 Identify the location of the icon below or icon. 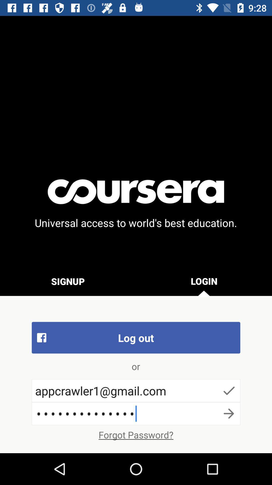
(136, 390).